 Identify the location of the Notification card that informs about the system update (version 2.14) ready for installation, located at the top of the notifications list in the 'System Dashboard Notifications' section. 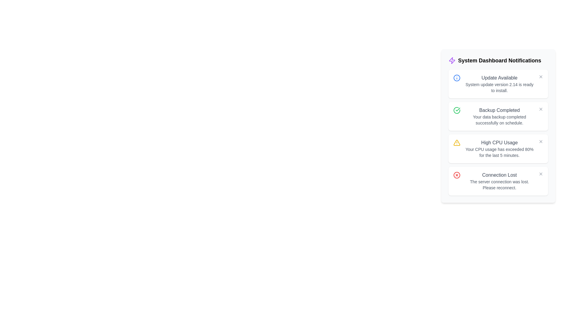
(498, 84).